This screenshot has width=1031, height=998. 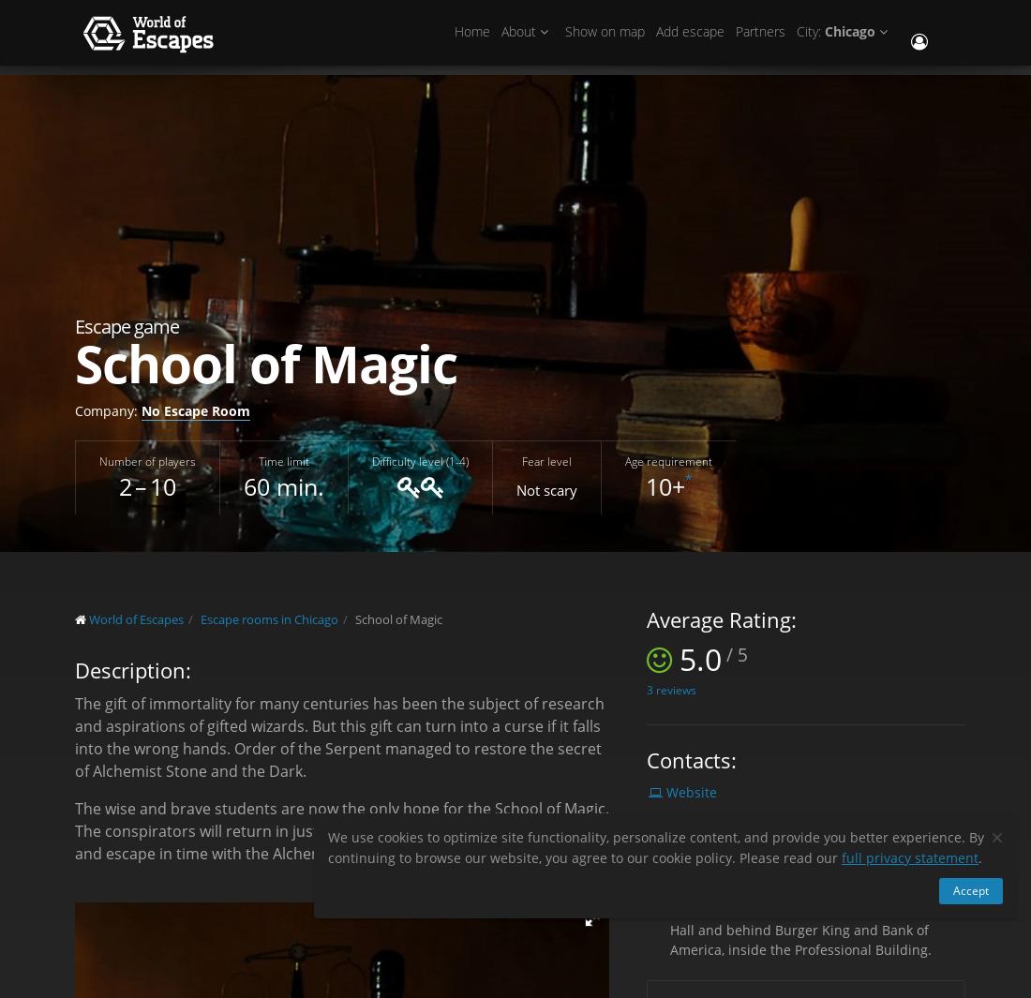 I want to click on 'Chicago', so click(x=849, y=35).